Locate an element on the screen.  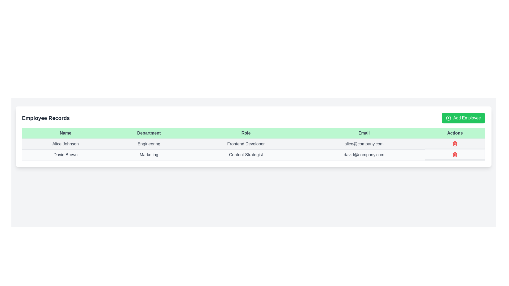
the table header cell displaying 'Department', which is the second header cell in the row, centered within its rectangular boundary with a light green background is located at coordinates (148, 133).